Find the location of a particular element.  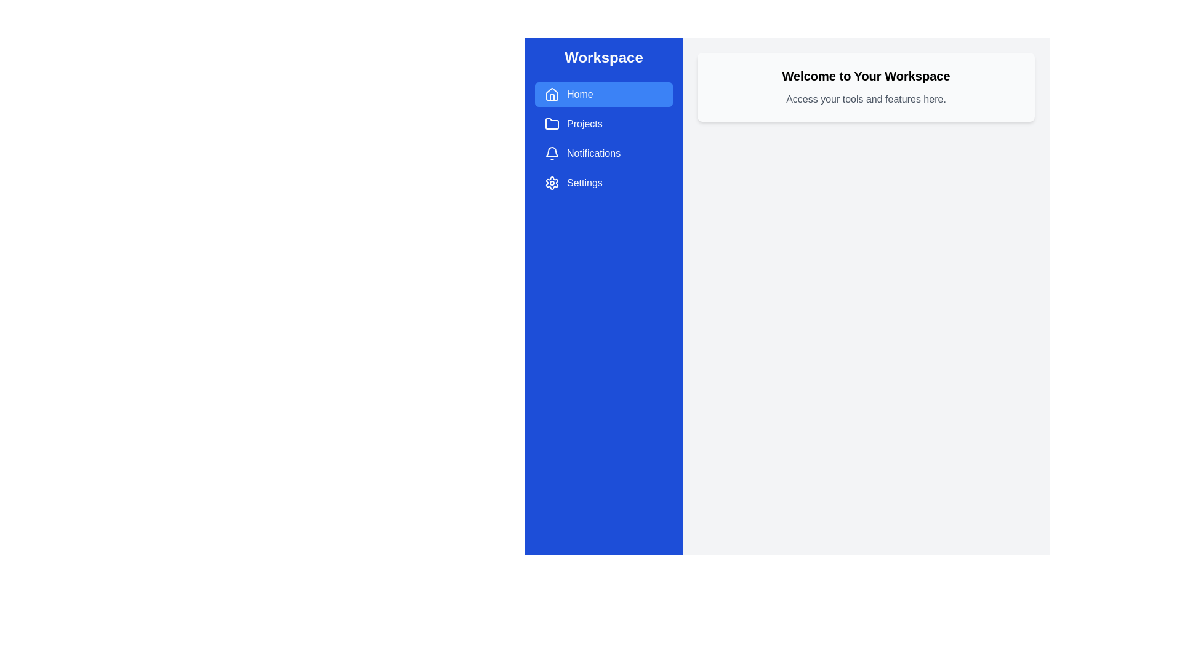

the cogwheel icon is located at coordinates (552, 183).